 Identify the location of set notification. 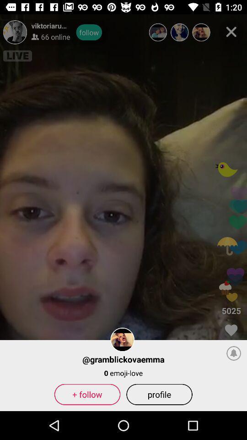
(234, 352).